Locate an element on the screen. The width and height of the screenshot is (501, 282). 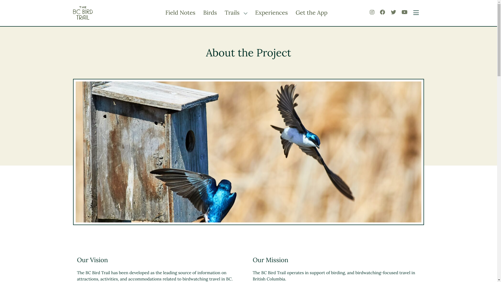
'Birds' is located at coordinates (203, 13).